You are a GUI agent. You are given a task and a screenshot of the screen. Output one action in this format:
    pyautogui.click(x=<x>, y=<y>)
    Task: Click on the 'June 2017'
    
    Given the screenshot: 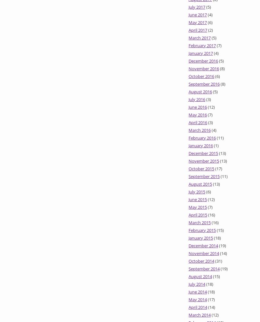 What is the action you would take?
    pyautogui.click(x=198, y=14)
    